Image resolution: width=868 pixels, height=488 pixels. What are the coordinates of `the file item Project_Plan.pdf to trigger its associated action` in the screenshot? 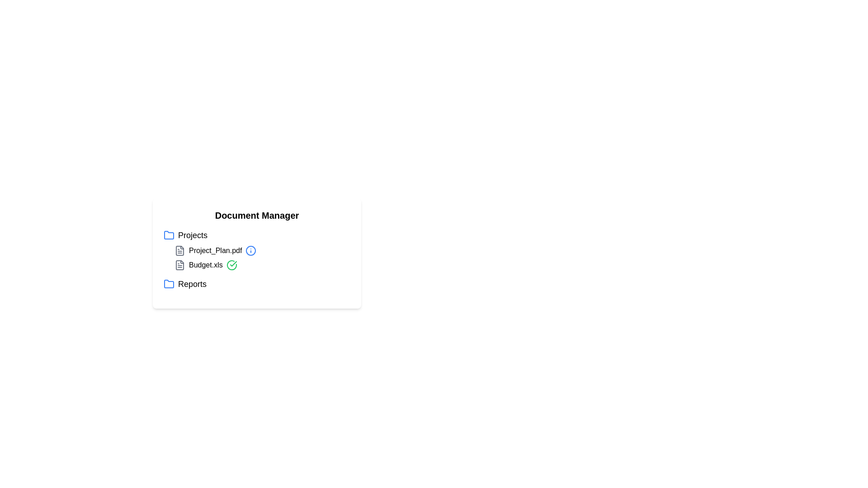 It's located at (214, 251).